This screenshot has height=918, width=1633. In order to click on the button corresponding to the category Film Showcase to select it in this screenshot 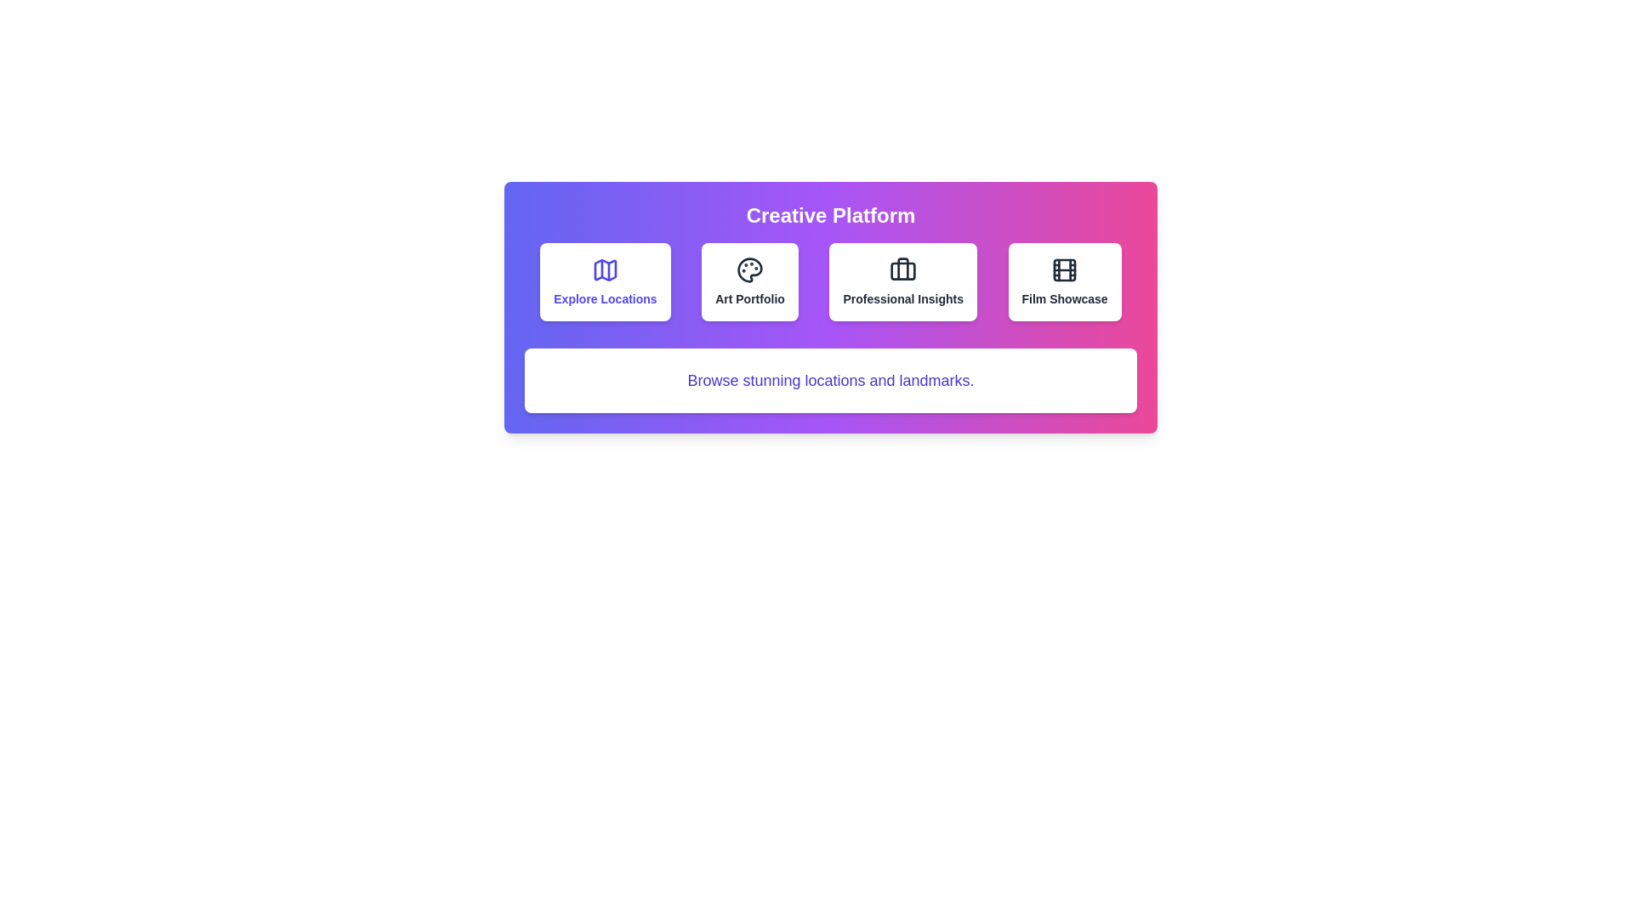, I will do `click(1064, 280)`.